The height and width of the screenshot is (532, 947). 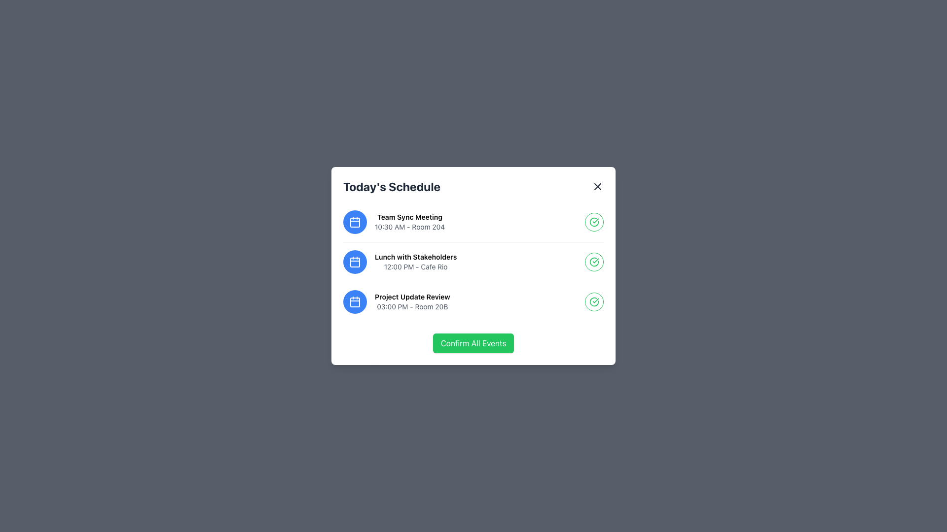 I want to click on the confirm button located at the bottom center of the 'Today's Schedule' modal to finalize all listed events, so click(x=473, y=343).